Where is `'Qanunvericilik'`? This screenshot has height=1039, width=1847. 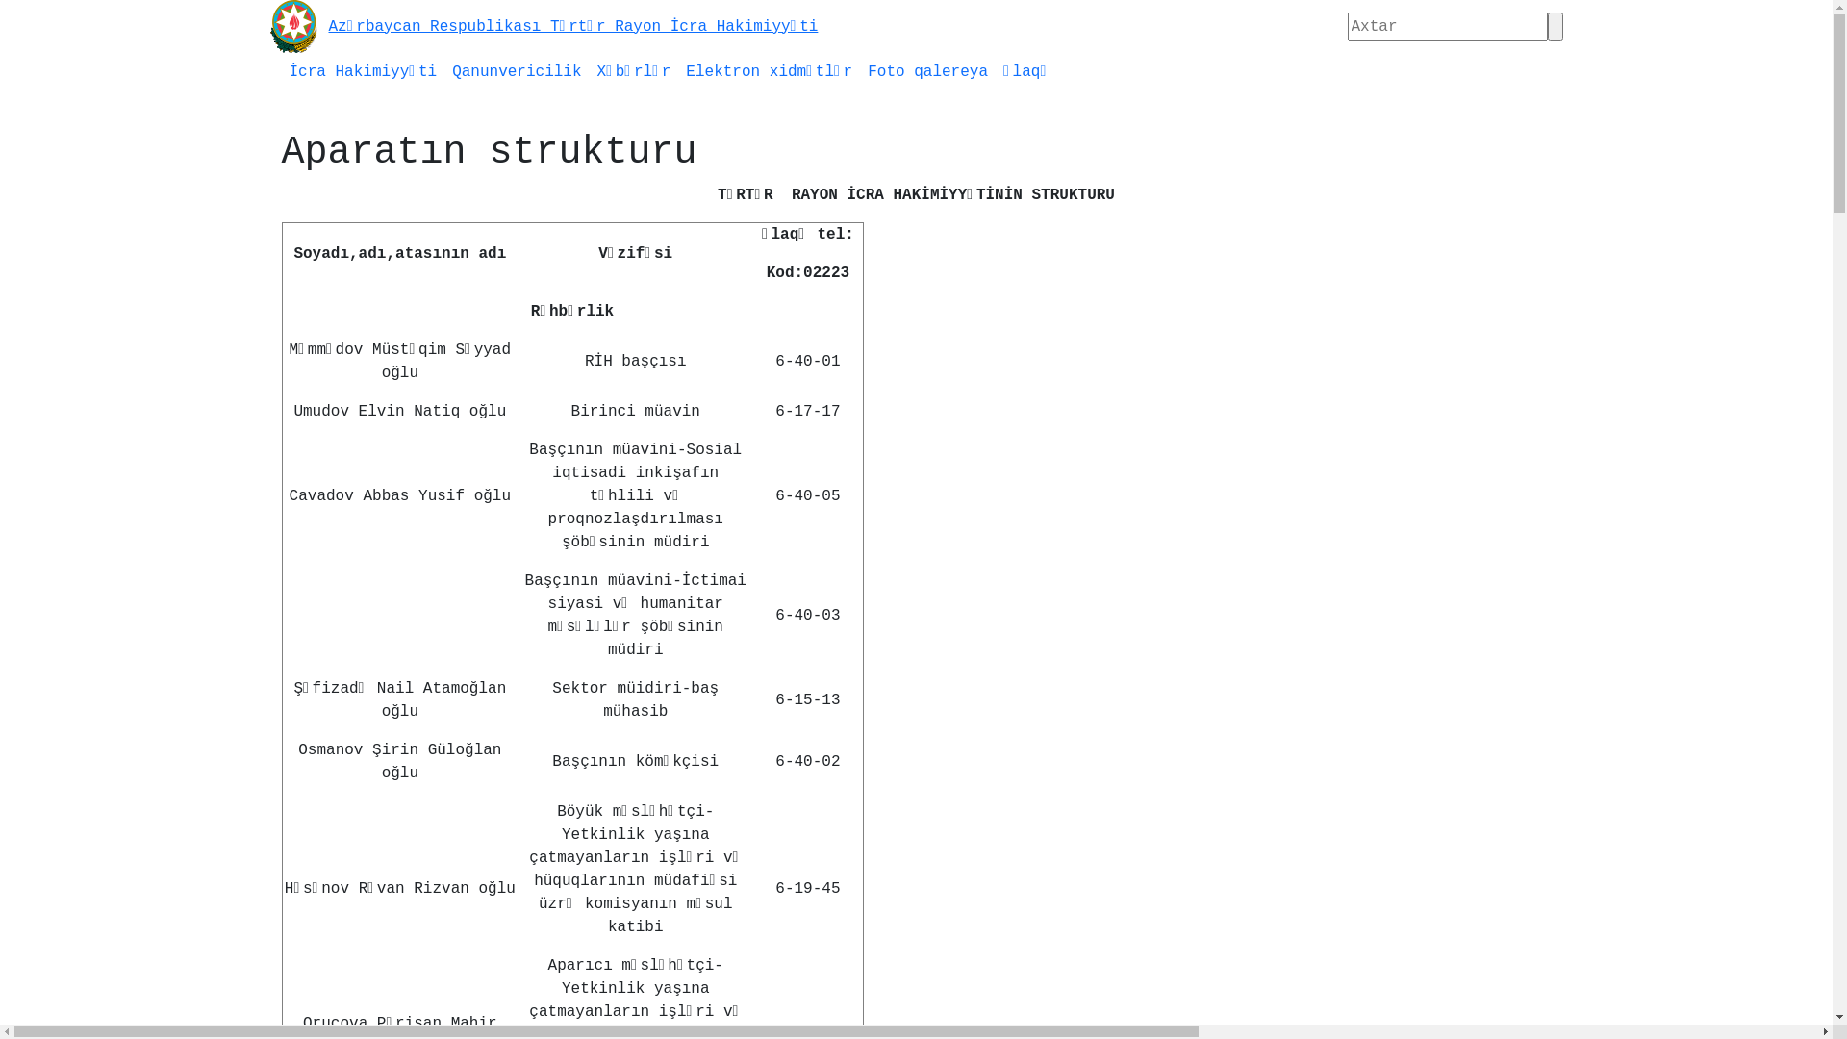
'Qanunvericilik' is located at coordinates (517, 70).